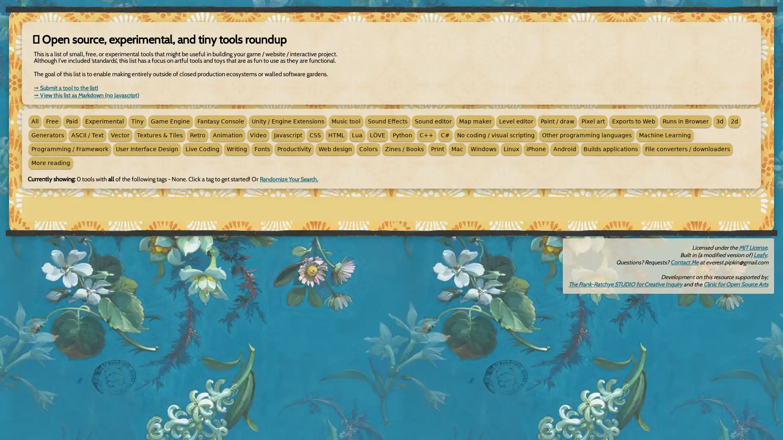 This screenshot has height=440, width=783. I want to click on Javascript, so click(288, 134).